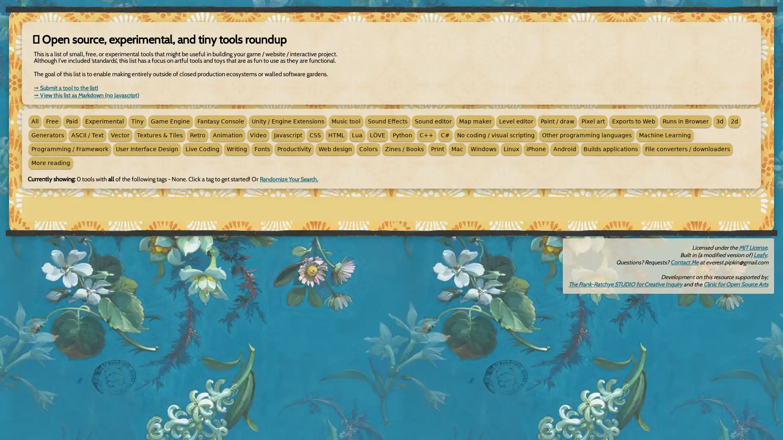 This screenshot has height=440, width=783. I want to click on Javascript, so click(288, 134).